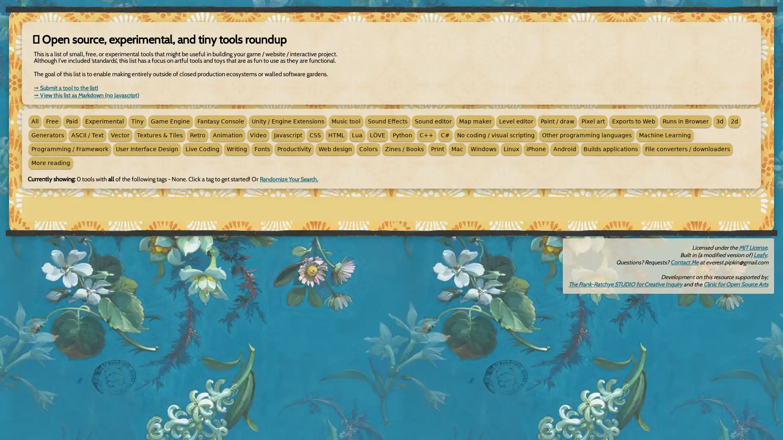 This screenshot has height=440, width=783. I want to click on Javascript, so click(288, 134).